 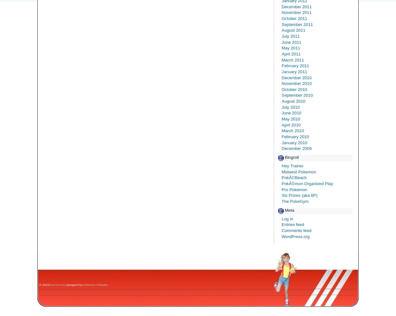 What do you see at coordinates (294, 89) in the screenshot?
I see `'October 2010'` at bounding box center [294, 89].